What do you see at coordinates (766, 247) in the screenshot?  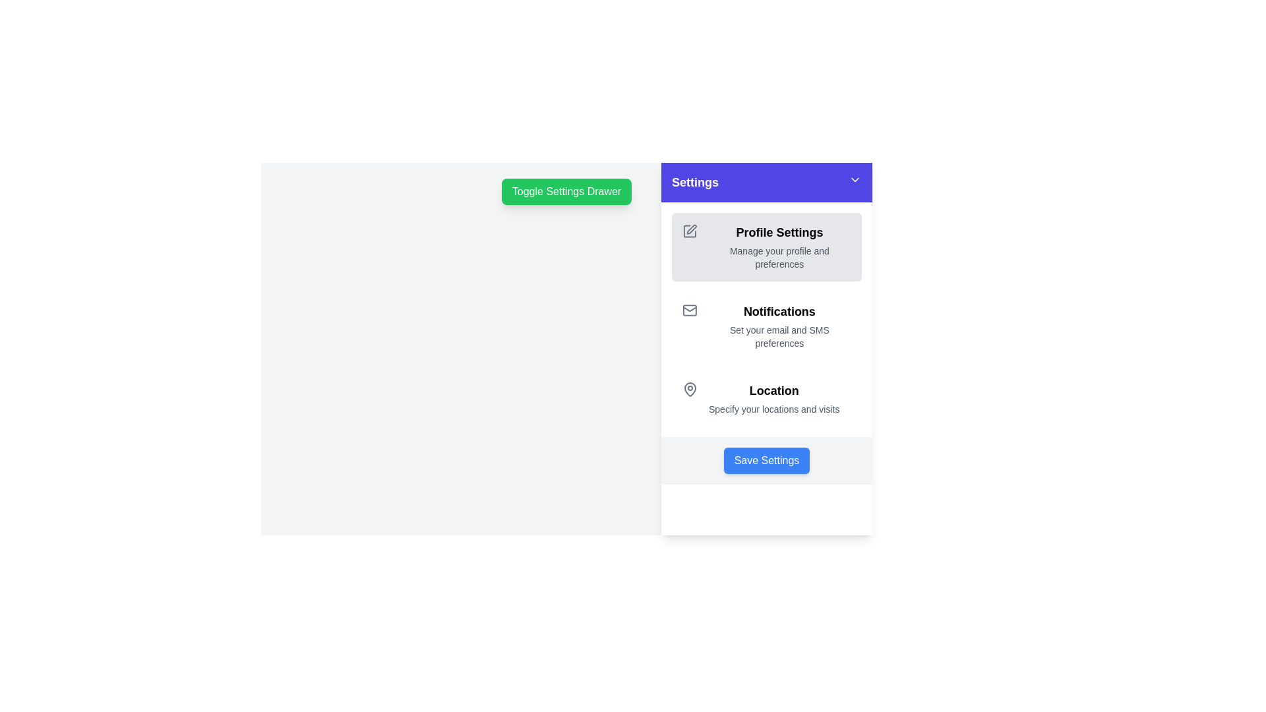 I see `the user profile settings button located in the sidebar menu beneath the 'Settings' header` at bounding box center [766, 247].